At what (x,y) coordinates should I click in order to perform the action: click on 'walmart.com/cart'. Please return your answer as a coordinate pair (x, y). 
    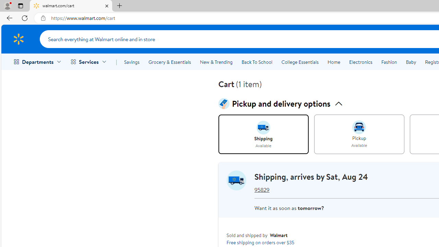
    Looking at the image, I should click on (71, 6).